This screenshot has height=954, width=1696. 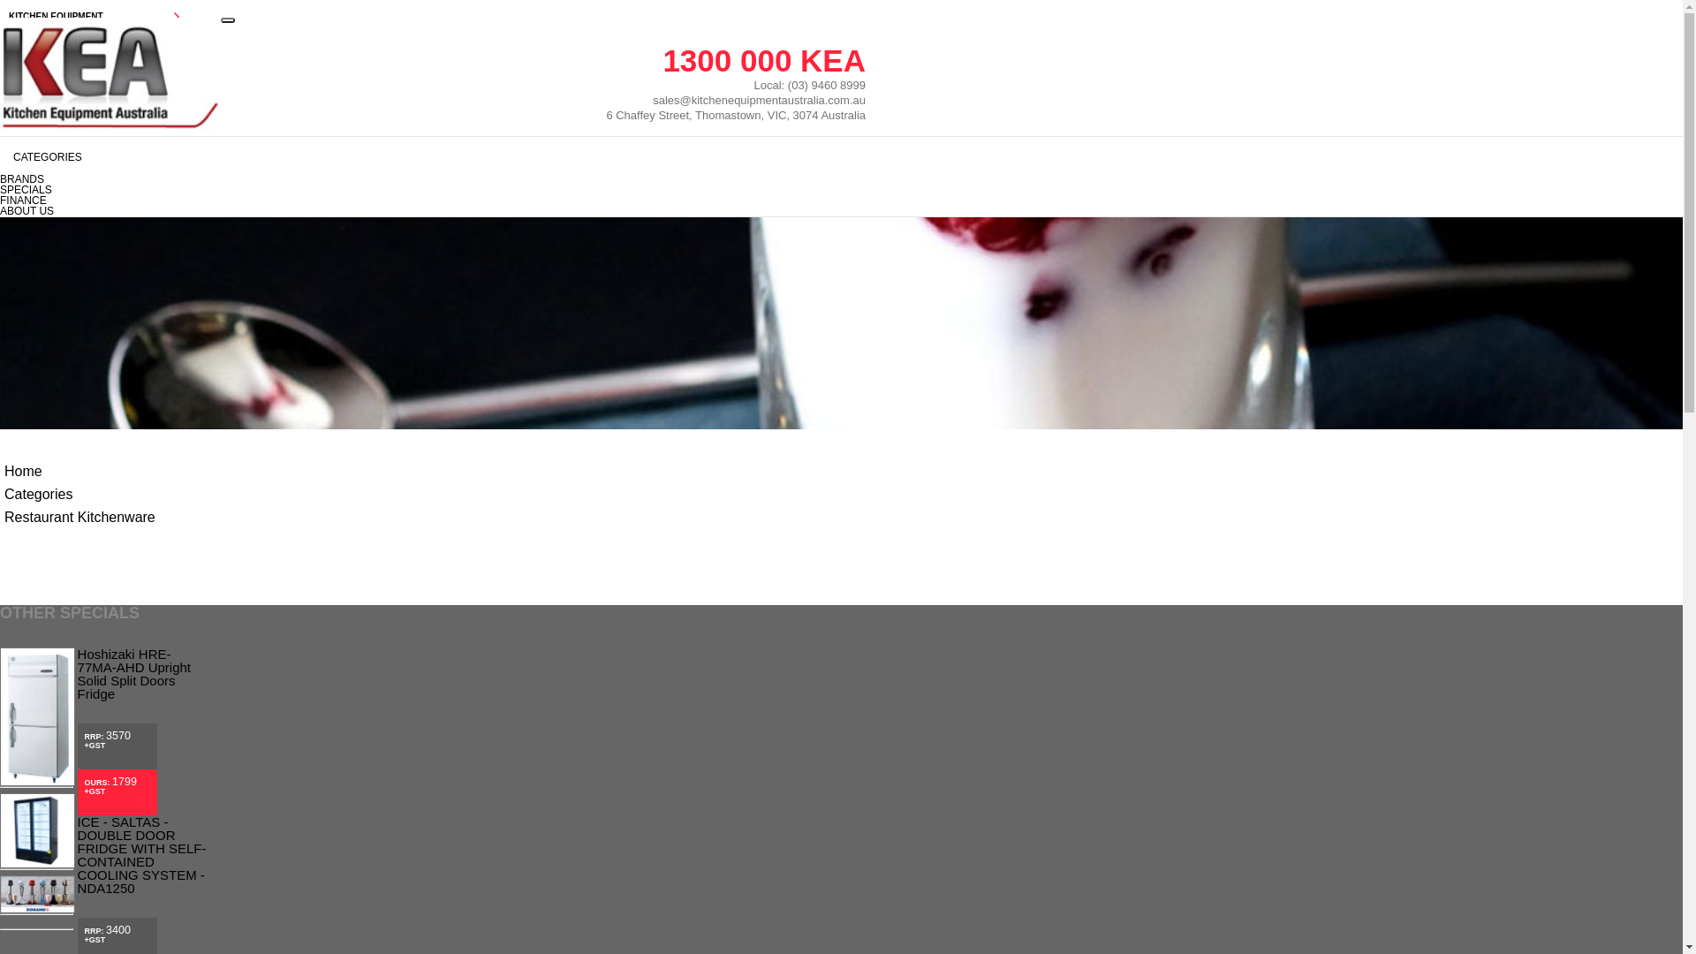 What do you see at coordinates (37, 864) in the screenshot?
I see `'ICE - SALTAS - DOUBLE DOOR FRIDGE WITH S'` at bounding box center [37, 864].